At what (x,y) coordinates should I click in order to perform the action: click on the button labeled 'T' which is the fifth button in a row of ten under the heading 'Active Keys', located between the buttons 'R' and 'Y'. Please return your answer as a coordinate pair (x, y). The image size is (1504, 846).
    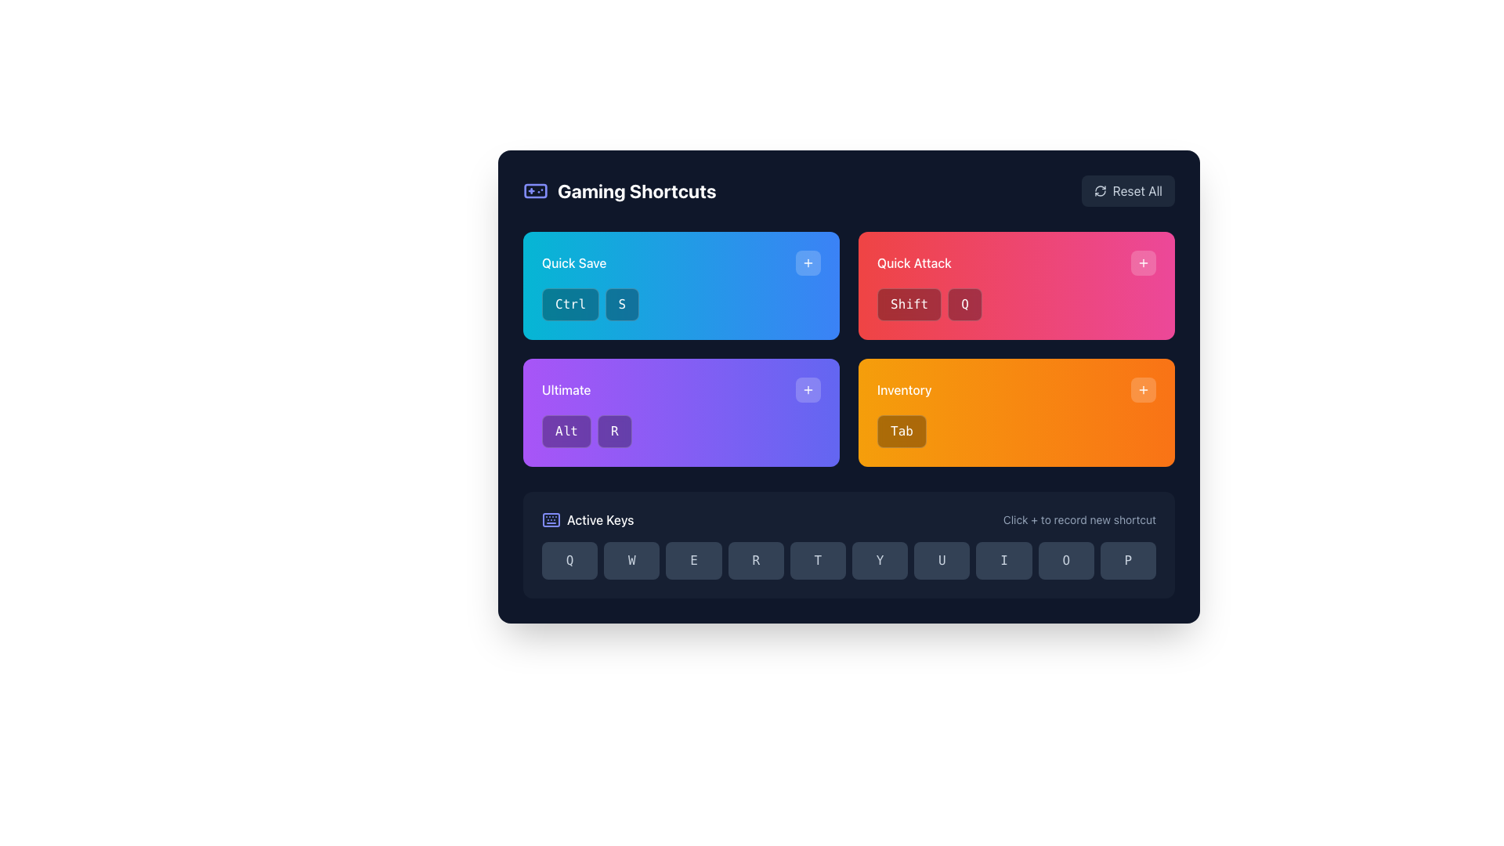
    Looking at the image, I should click on (817, 560).